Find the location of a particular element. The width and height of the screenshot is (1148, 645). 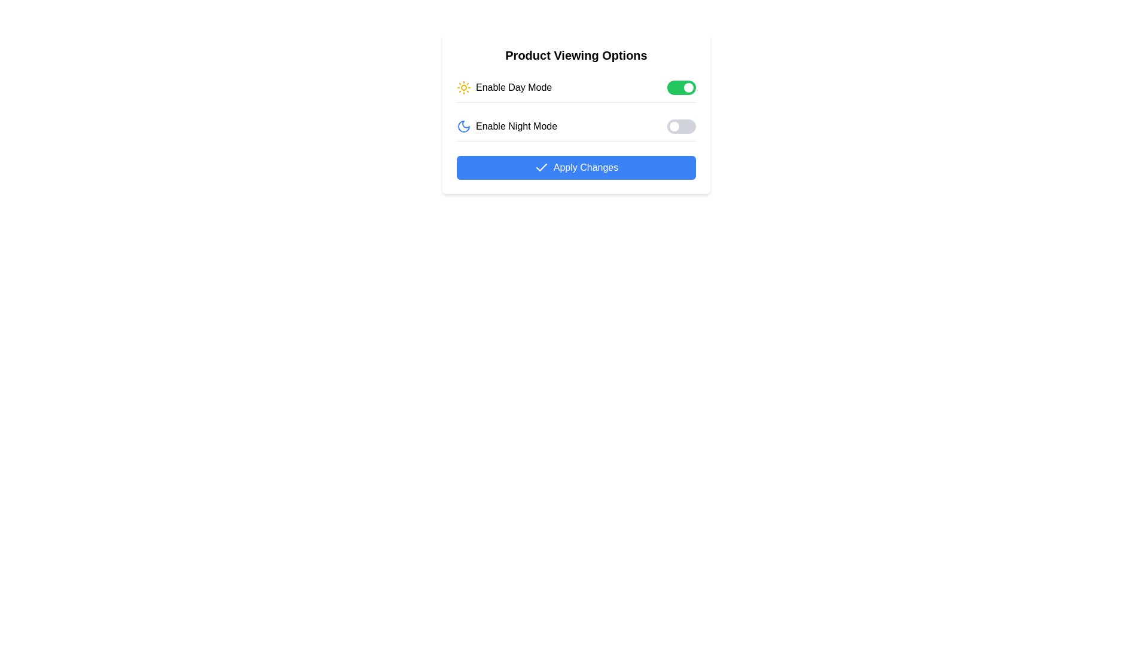

the checkmark icon which is centrally located within the 'Apply Changes' button, symbolizing successful completion is located at coordinates (541, 167).